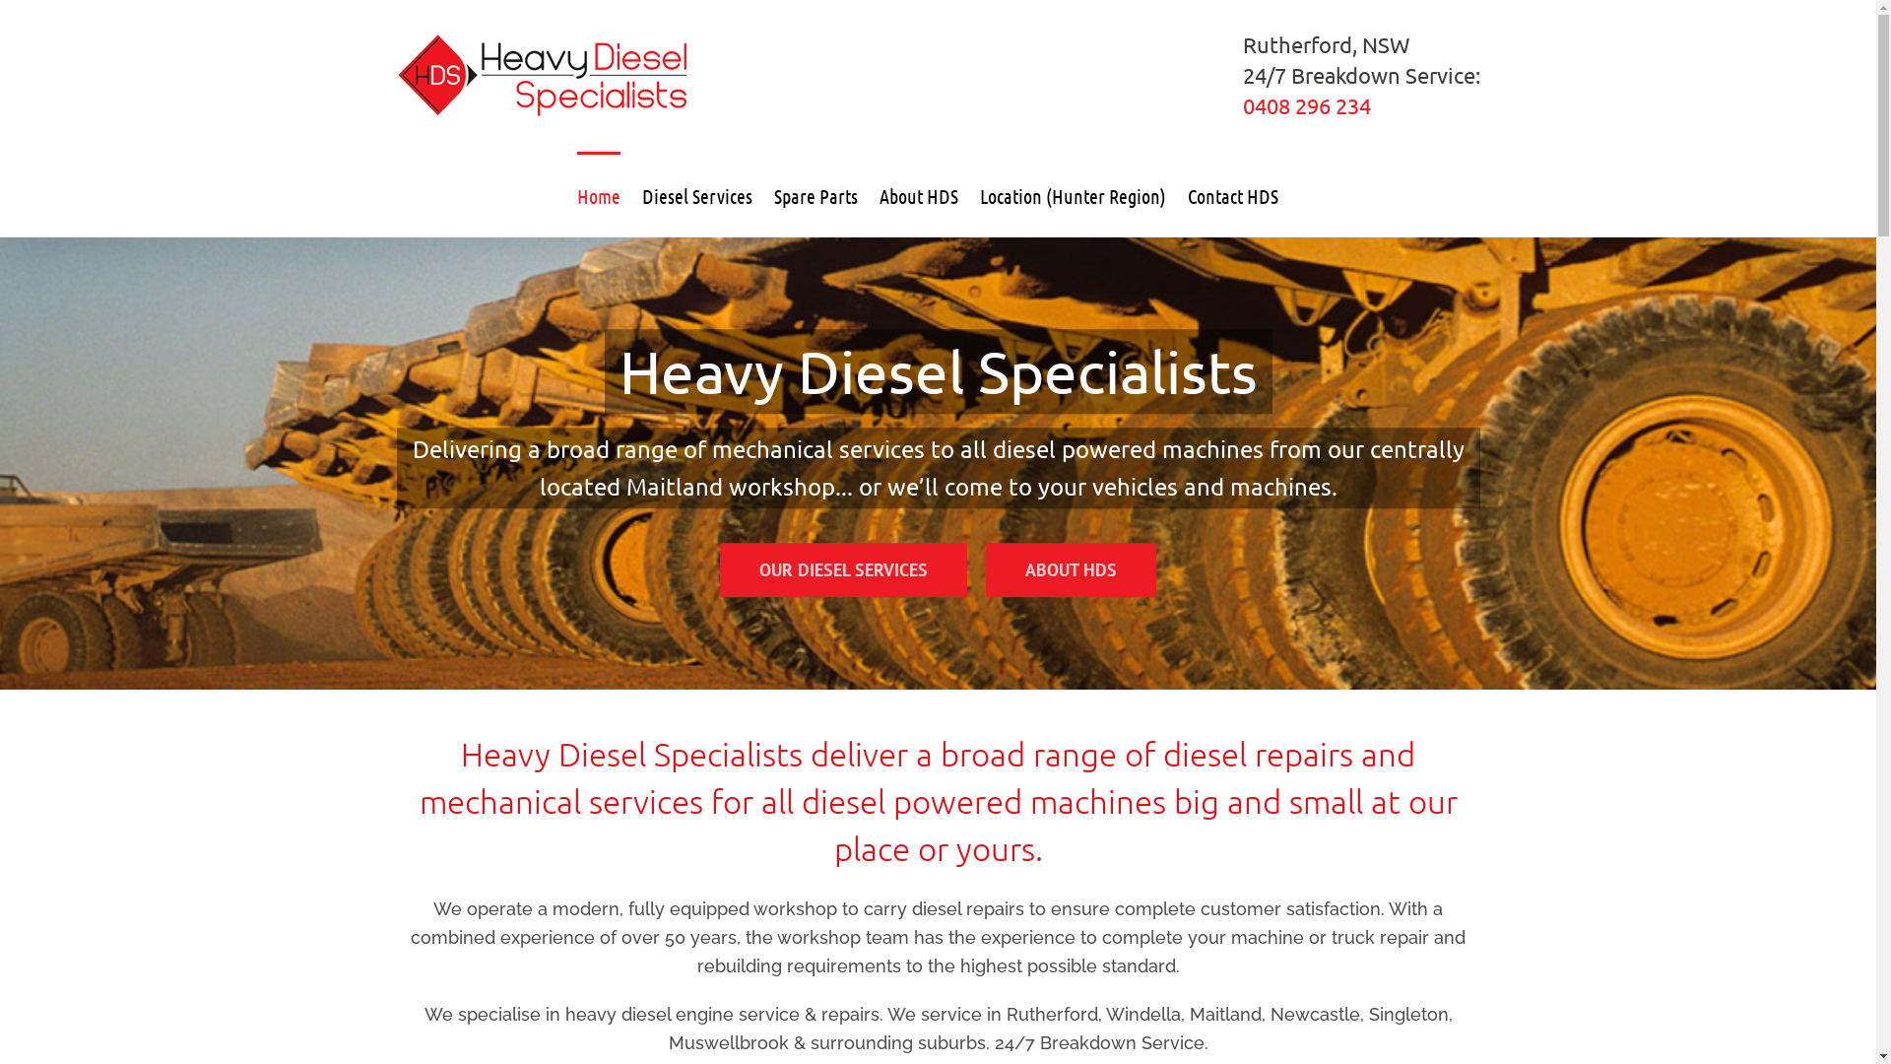 Image resolution: width=1891 pixels, height=1064 pixels. Describe the element at coordinates (697, 193) in the screenshot. I see `'Diesel Services'` at that location.